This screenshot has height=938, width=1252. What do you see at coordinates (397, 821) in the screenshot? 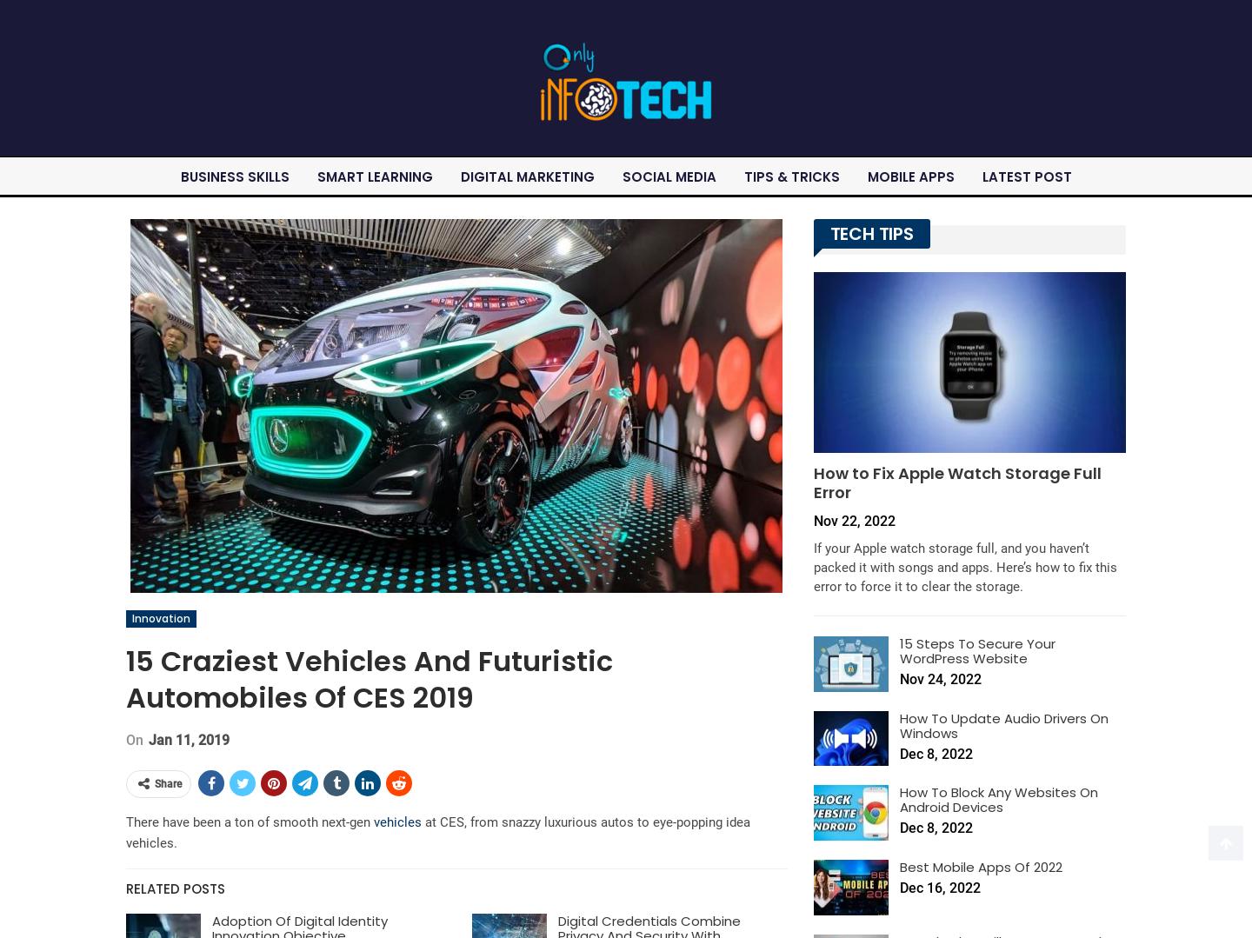
I see `'vehicles'` at bounding box center [397, 821].